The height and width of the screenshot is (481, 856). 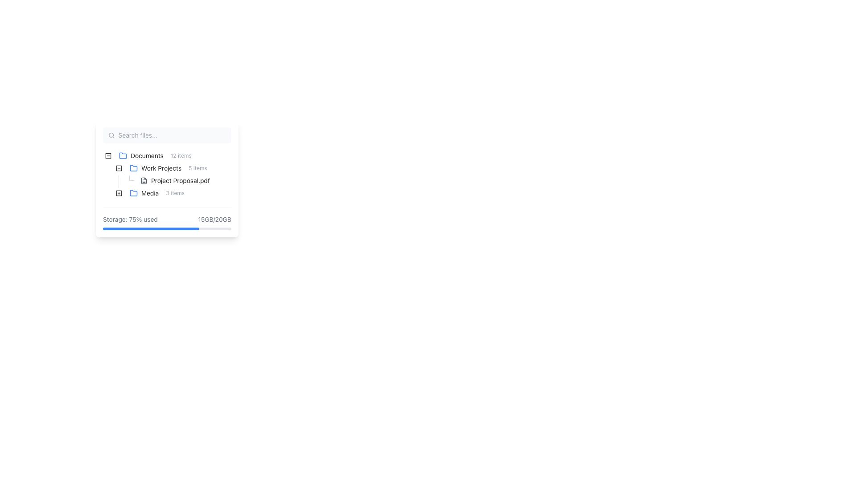 I want to click on the 'Work Projects' folder entry, so click(x=168, y=168).